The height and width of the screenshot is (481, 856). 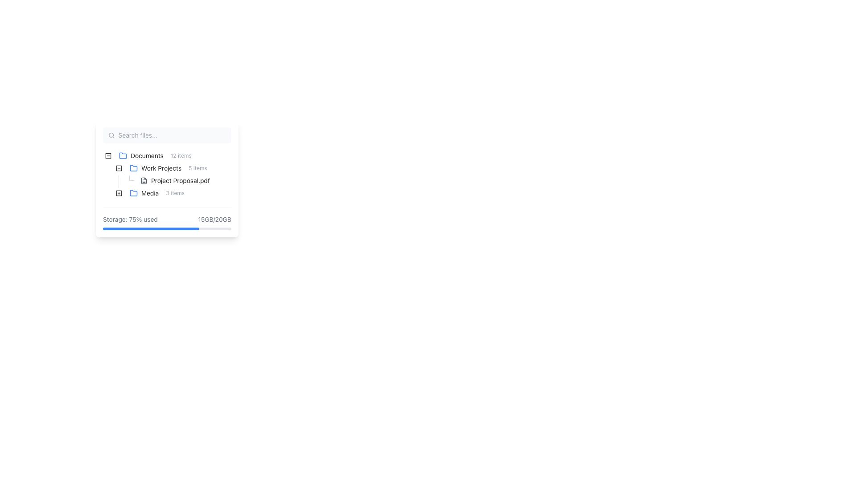 I want to click on the 'Work Projects' folder entry, so click(x=168, y=168).